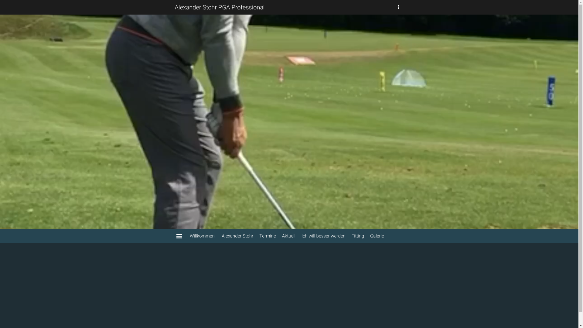 The image size is (583, 328). I want to click on 'Willkommen!', so click(186, 235).